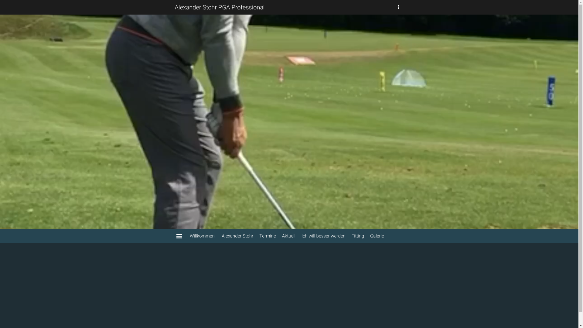 The image size is (583, 328). I want to click on 'Willkommen!', so click(186, 235).